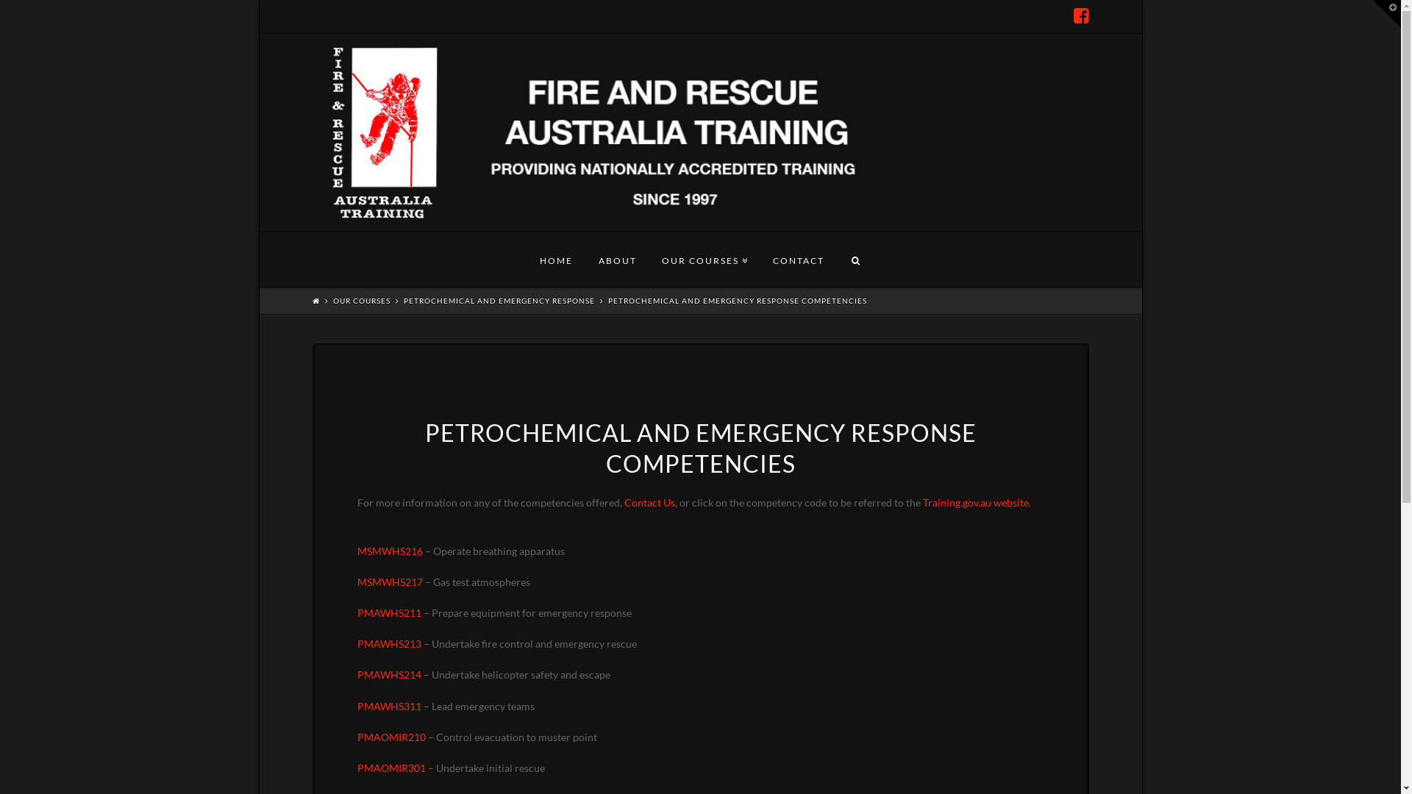 This screenshot has width=1412, height=794. I want to click on 'PETROCHEMICAL AND EMERGENCY RESPONSE', so click(498, 299).